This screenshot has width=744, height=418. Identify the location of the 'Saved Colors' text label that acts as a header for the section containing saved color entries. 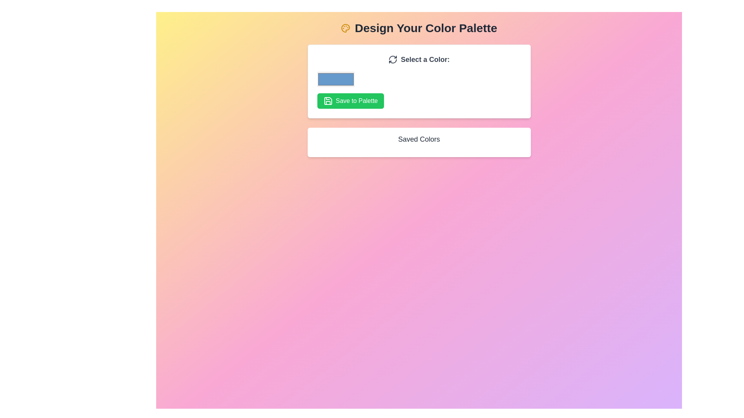
(418, 139).